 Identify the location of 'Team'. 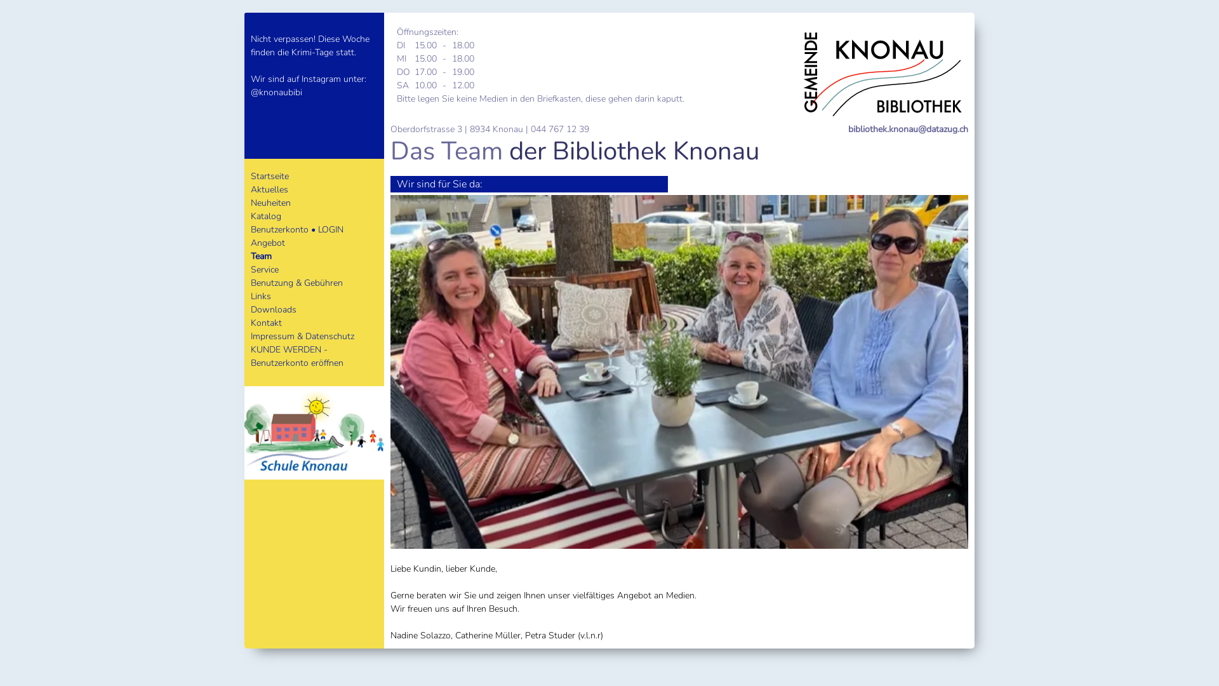
(260, 256).